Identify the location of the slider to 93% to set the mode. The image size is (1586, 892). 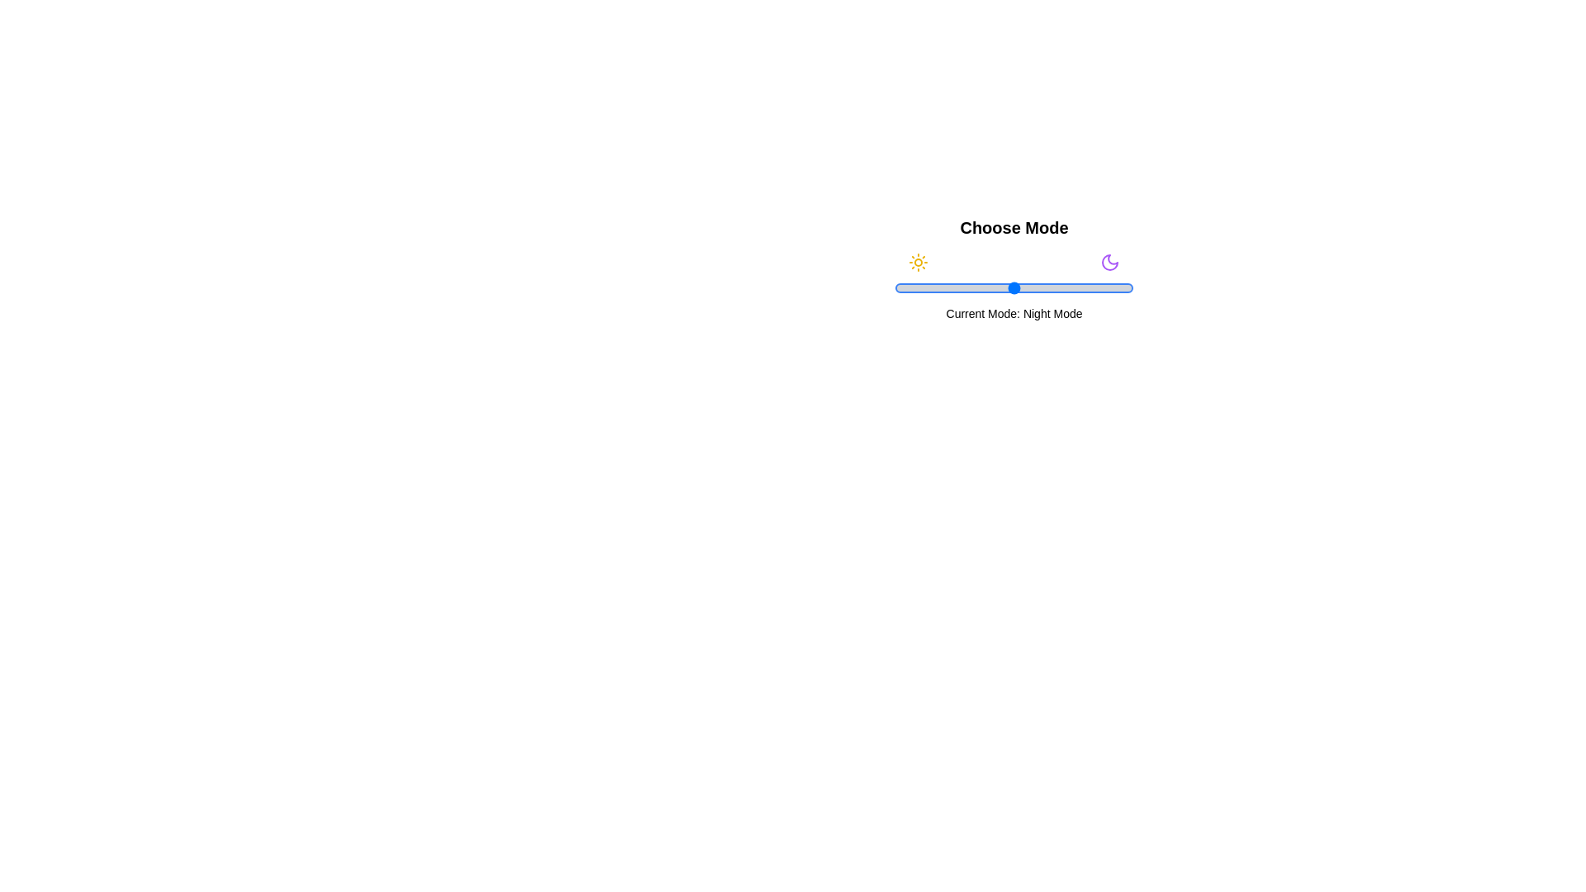
(1116, 287).